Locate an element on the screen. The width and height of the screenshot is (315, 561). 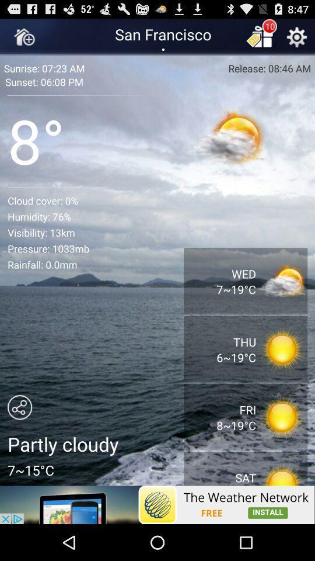
the volume icon is located at coordinates (277, 128).